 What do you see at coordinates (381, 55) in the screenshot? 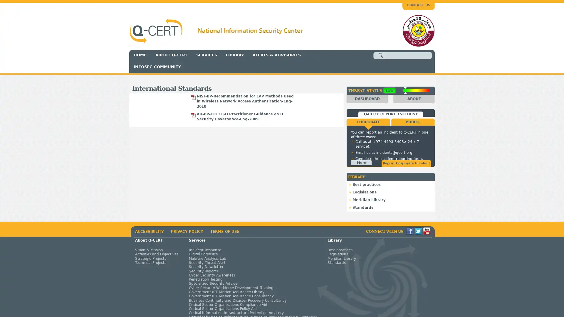
I see `Search` at bounding box center [381, 55].